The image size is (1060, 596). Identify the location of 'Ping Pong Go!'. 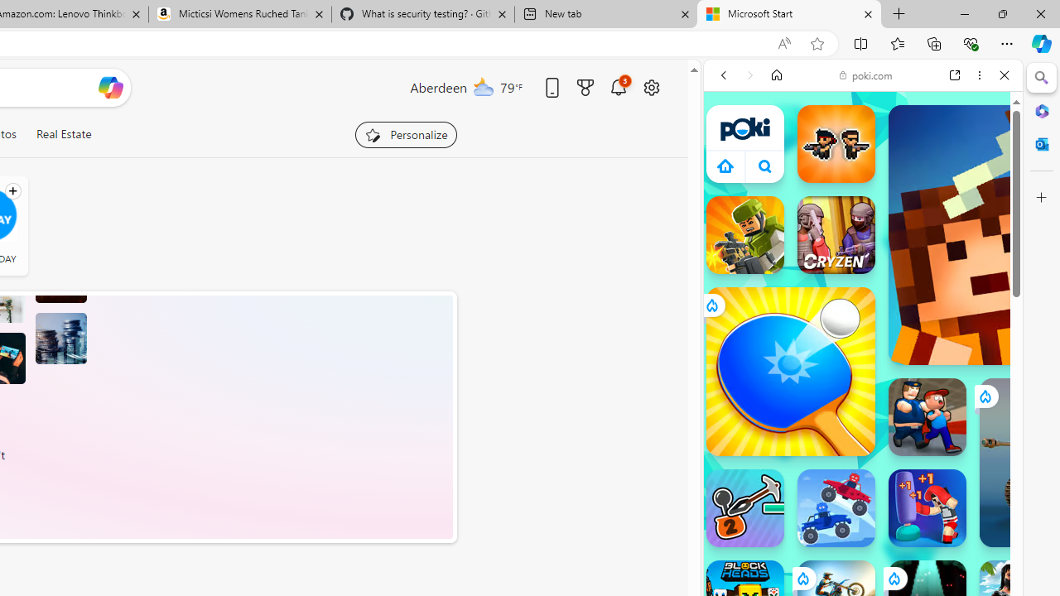
(789, 370).